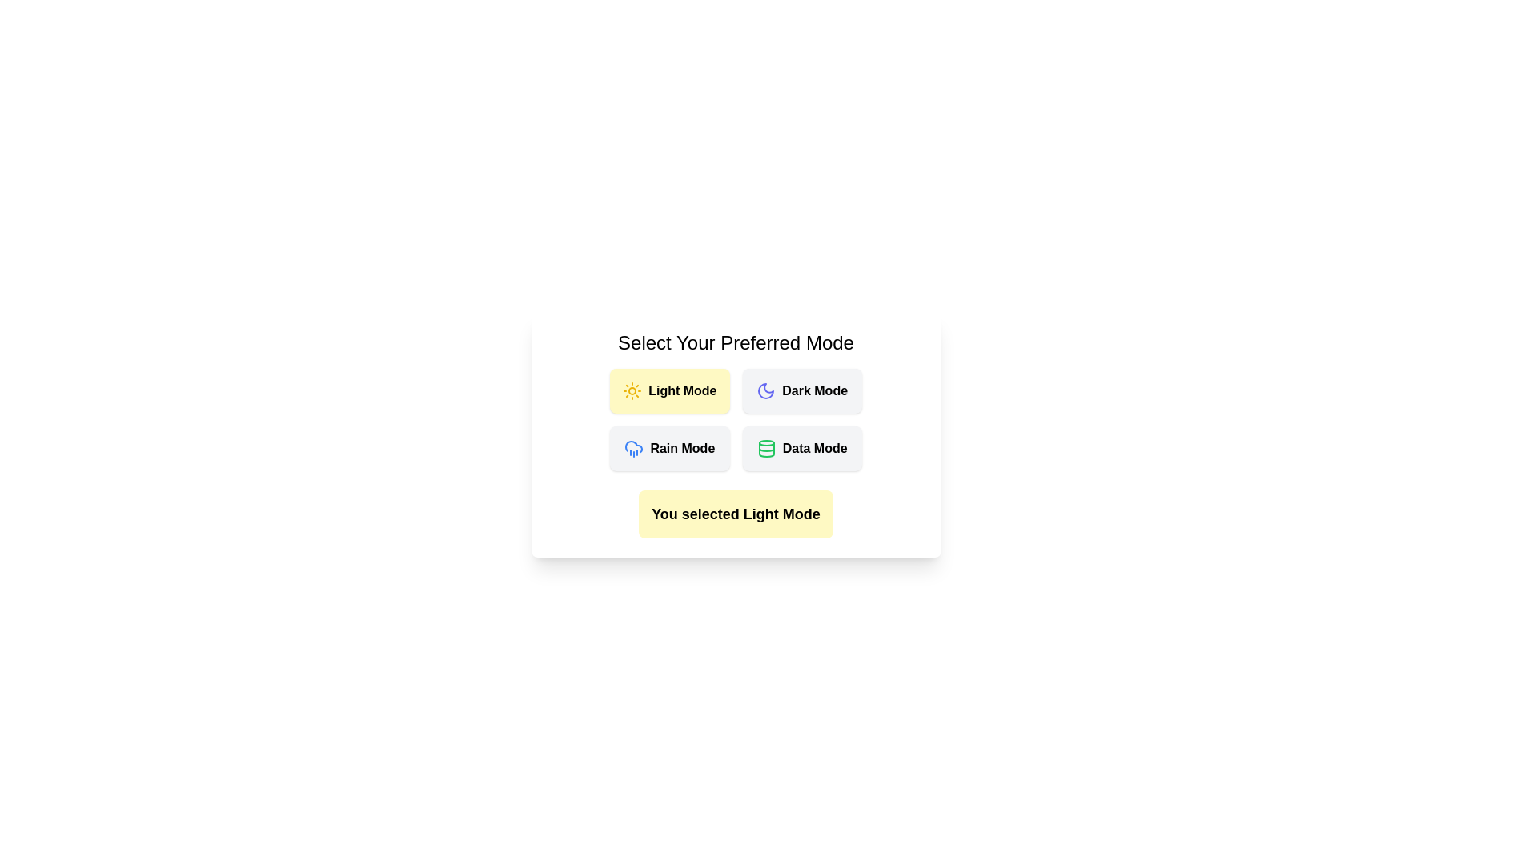  What do you see at coordinates (765, 391) in the screenshot?
I see `the moon-shaped icon styled with a curved crescent outline in blue, located near the 'Dark Mode' text in the mode selection section` at bounding box center [765, 391].